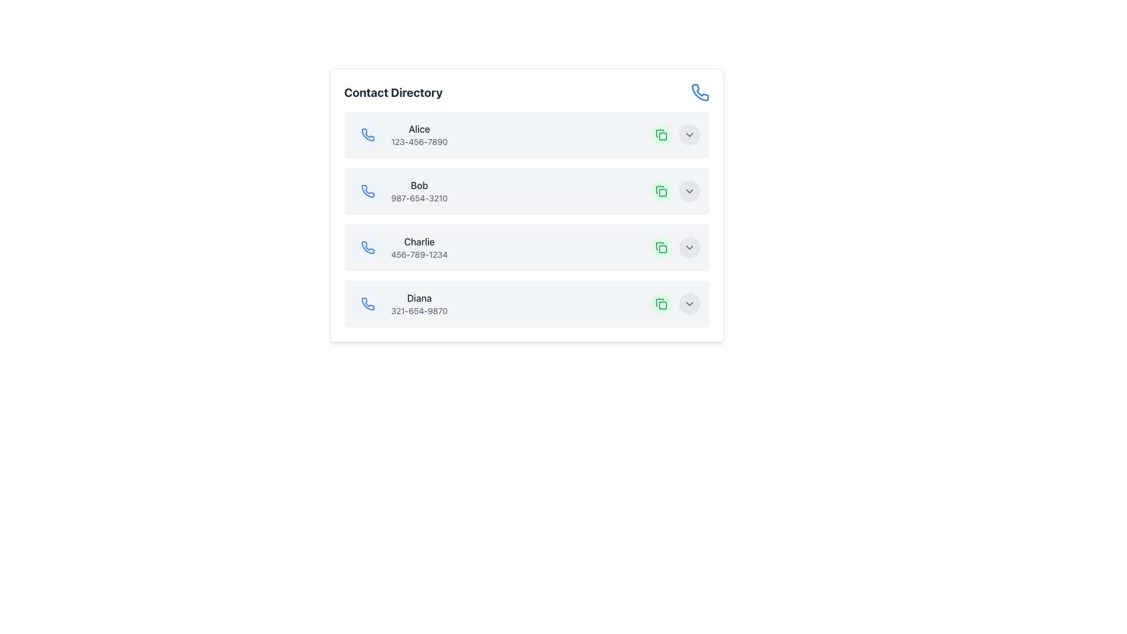 This screenshot has height=634, width=1127. What do you see at coordinates (419, 310) in the screenshot?
I see `the static text displaying the phone number '321-654-9870' associated with the name 'Diana', located in the fourth entry of the contact list` at bounding box center [419, 310].